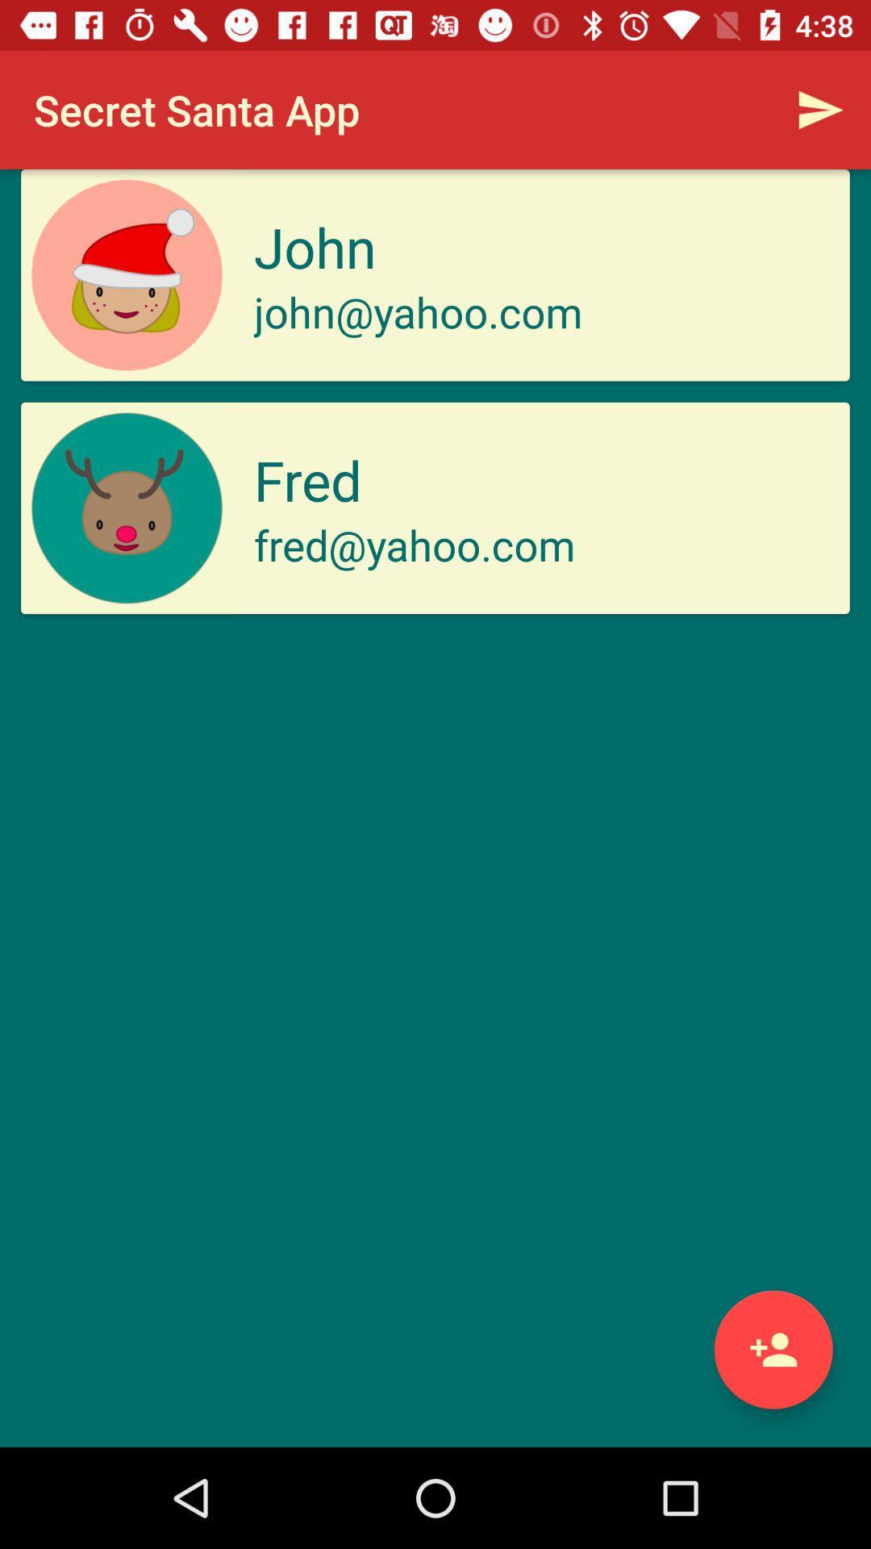  I want to click on the icon below fred@yahoo.com icon, so click(773, 1350).